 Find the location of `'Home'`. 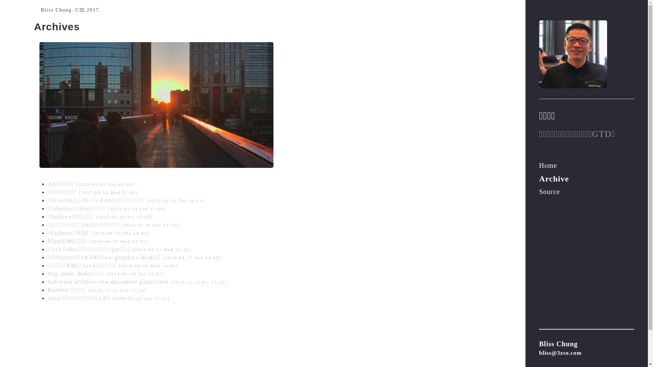

'Home' is located at coordinates (538, 165).